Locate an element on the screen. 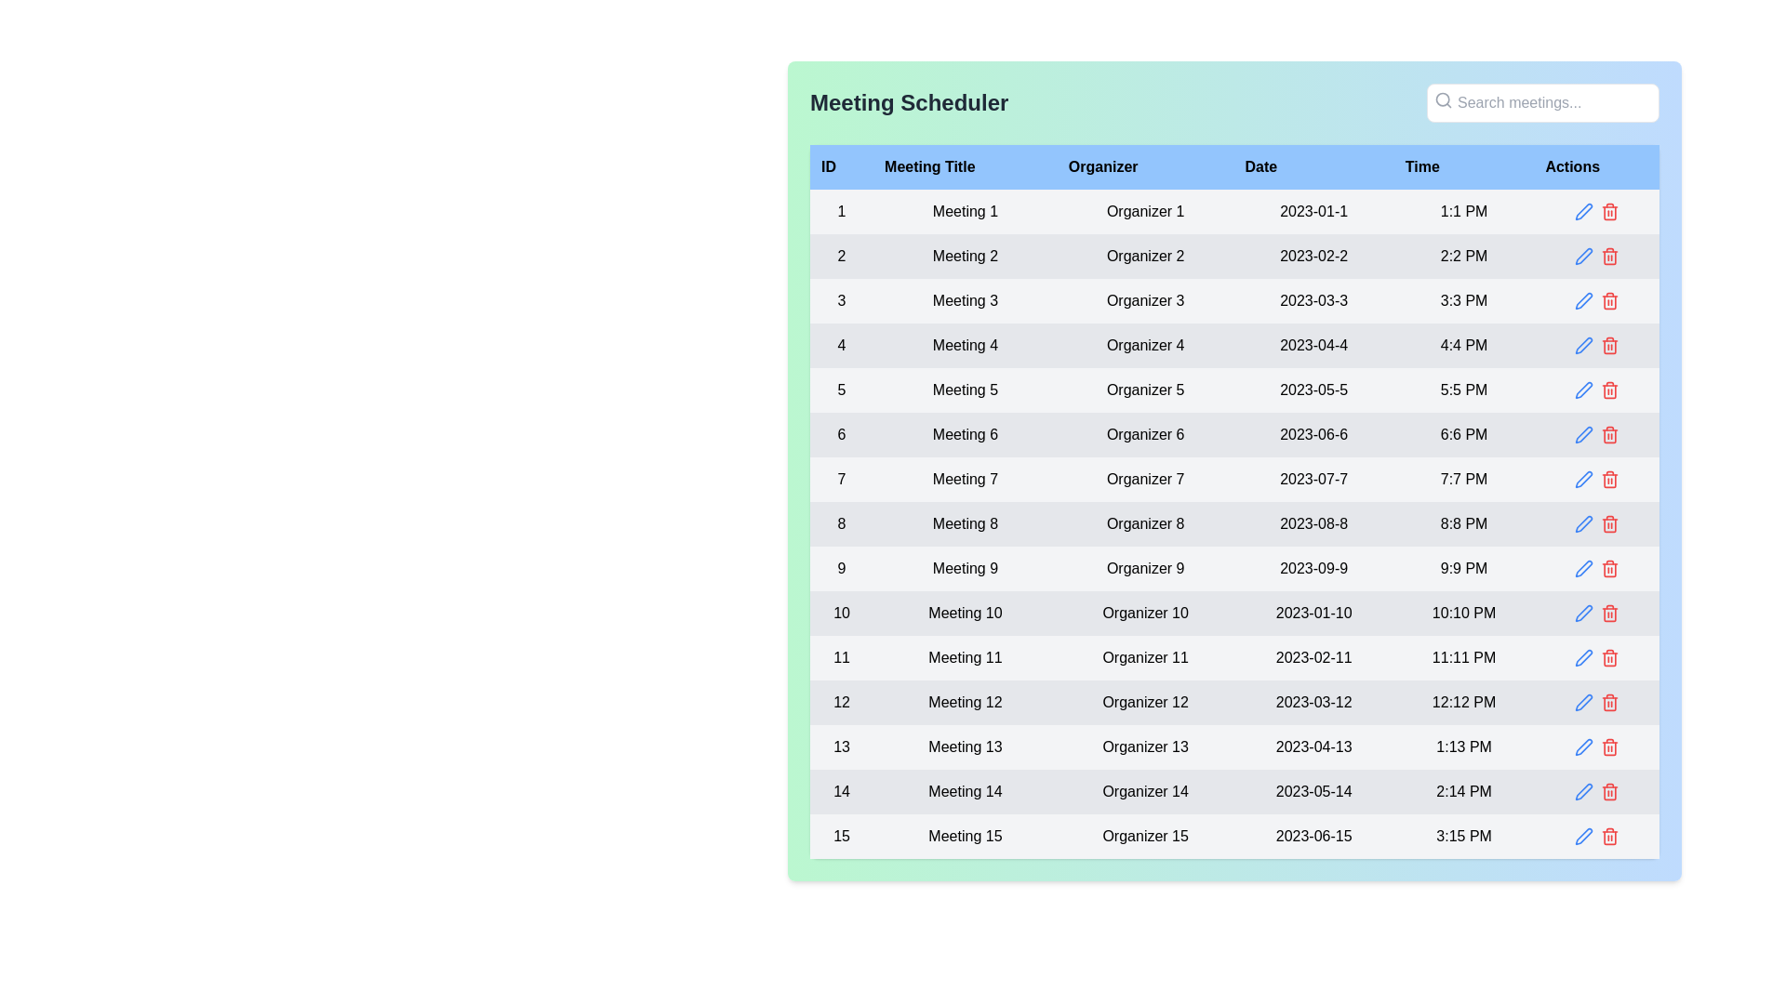 This screenshot has height=1004, width=1786. the blue-themed stylized pen icon in the Actions column for the second row labeled 'Meeting 2' is located at coordinates (1582, 257).